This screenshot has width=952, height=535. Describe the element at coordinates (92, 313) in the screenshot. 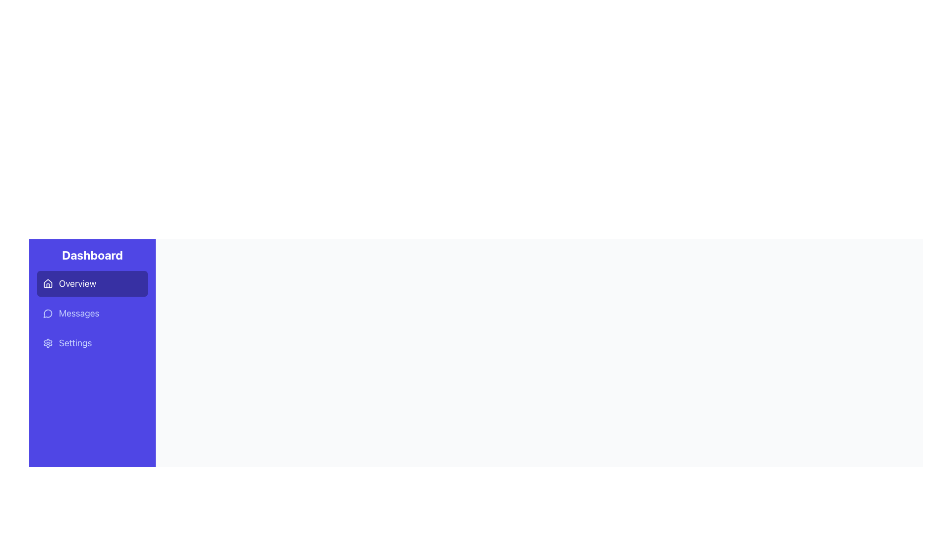

I see `the 'Messages' item in the Navigation menu using keyboard navigation` at that location.